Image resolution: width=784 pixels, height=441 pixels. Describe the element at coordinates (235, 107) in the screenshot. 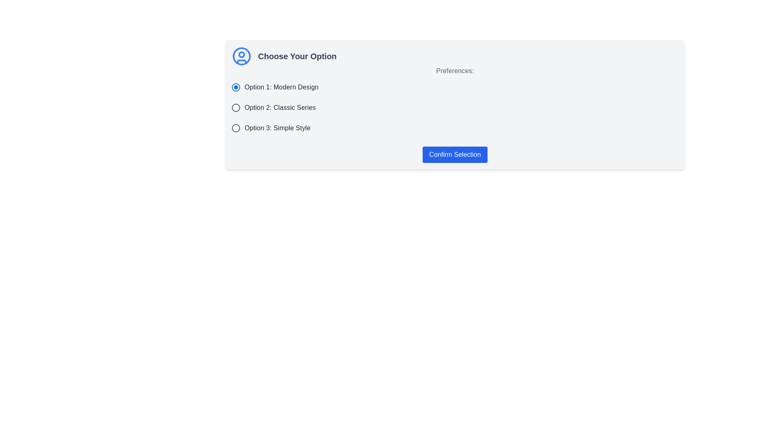

I see `the second radio button labeled 'Option 2: Classic Series'` at that location.